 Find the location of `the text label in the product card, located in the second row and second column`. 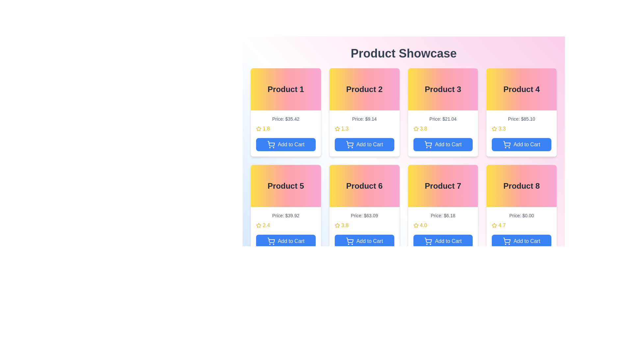

the text label in the product card, located in the second row and second column is located at coordinates (364, 186).